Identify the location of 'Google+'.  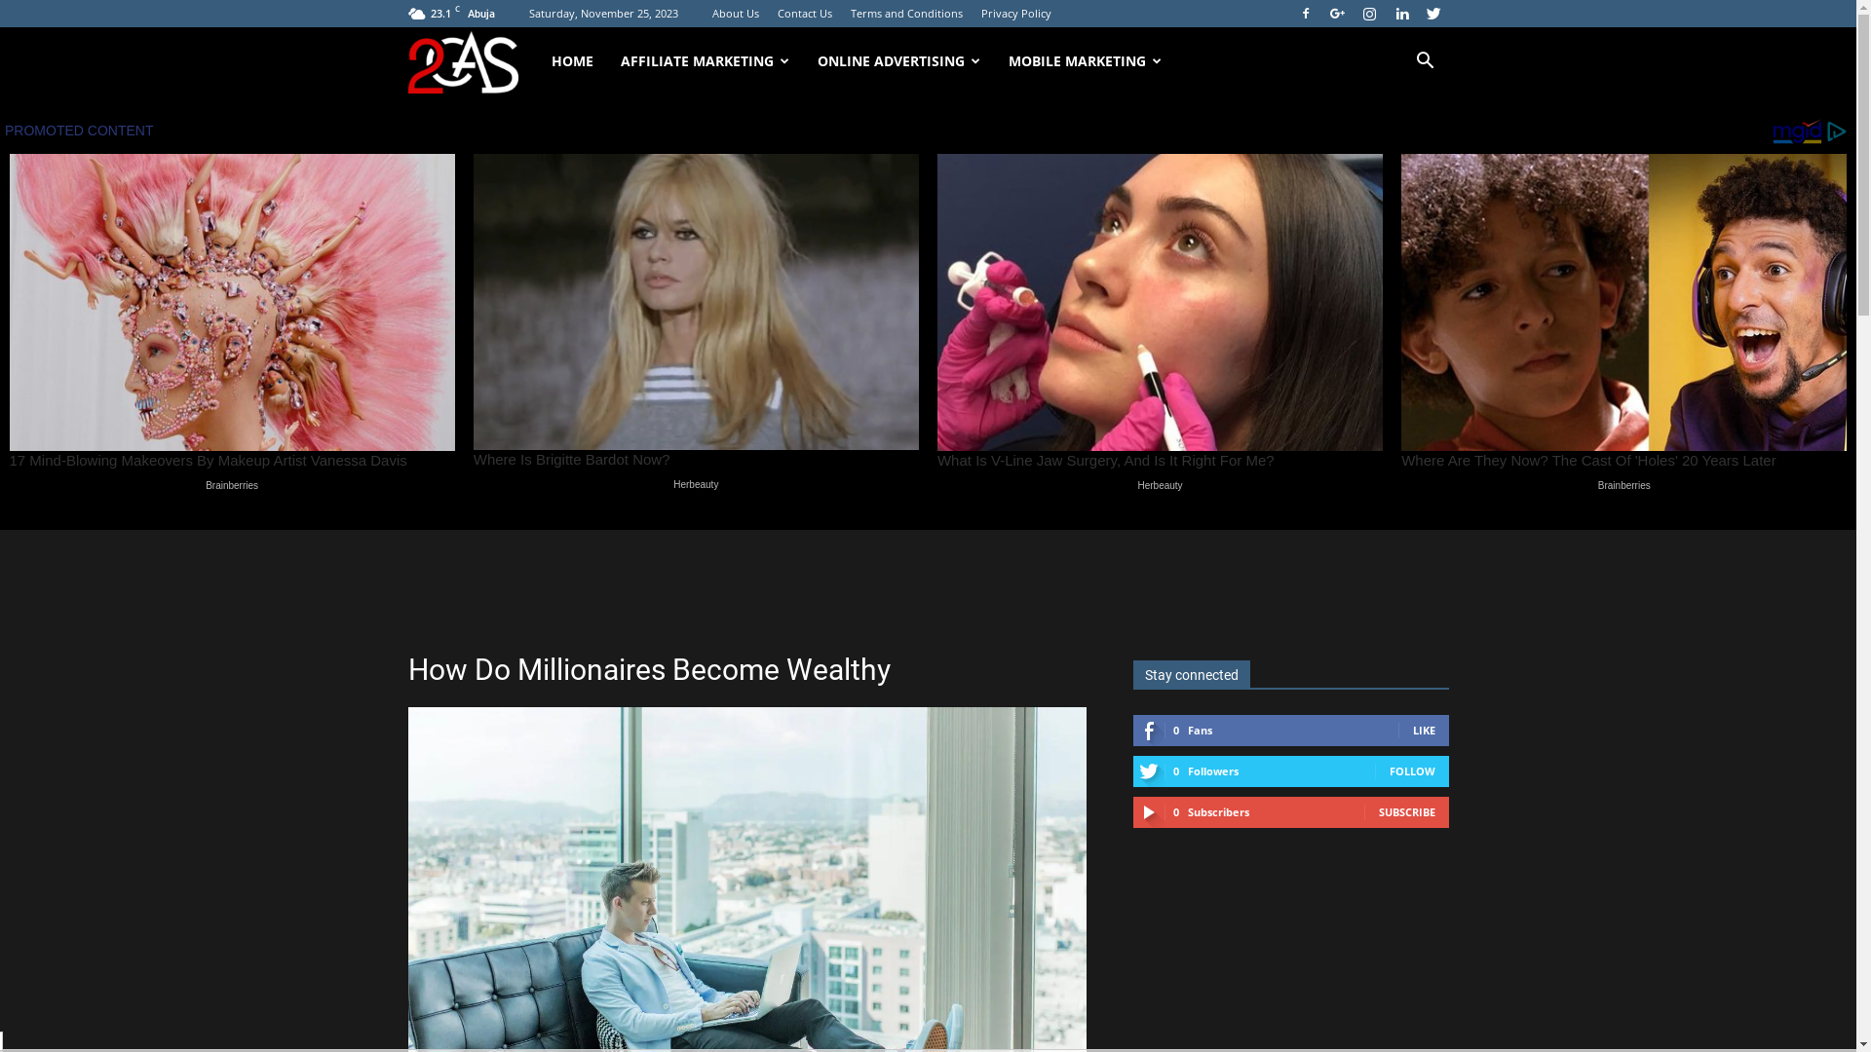
(1336, 14).